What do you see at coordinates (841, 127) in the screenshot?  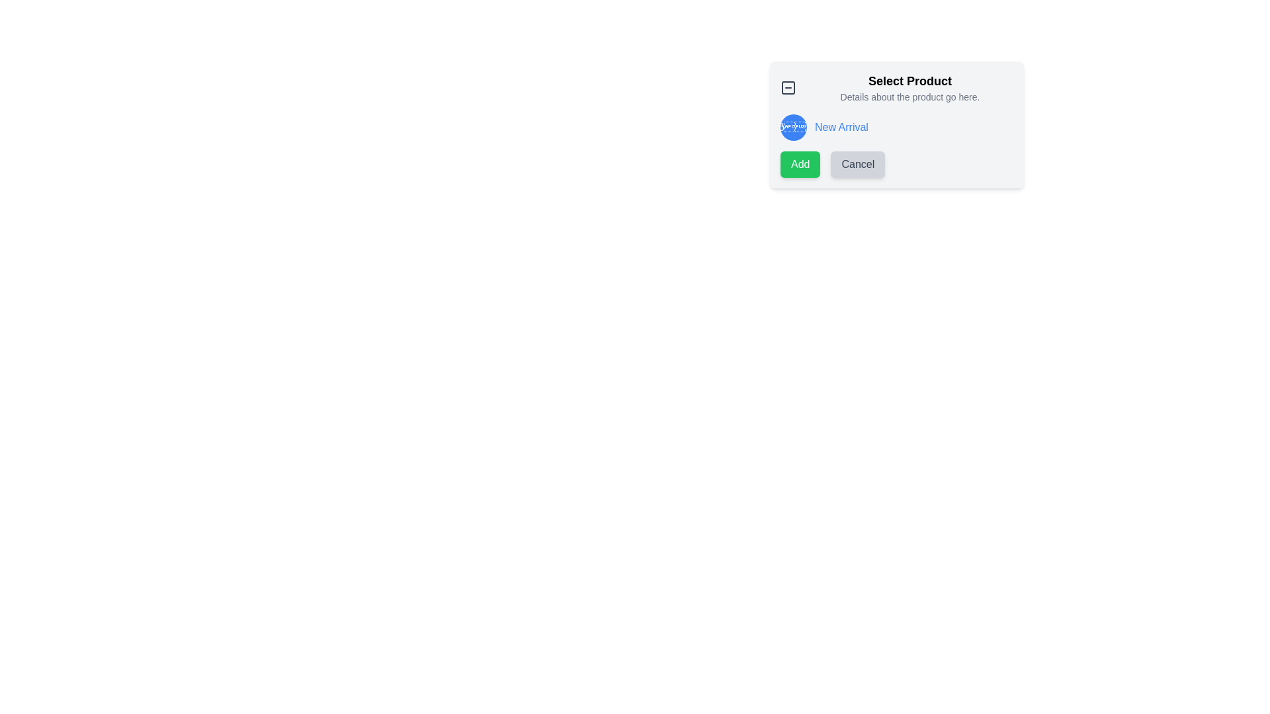 I see `the 'New Arrival' text label which is displayed in a medium-sized, blue font, located to the right of a circular blue icon in the 'Select Product' box` at bounding box center [841, 127].